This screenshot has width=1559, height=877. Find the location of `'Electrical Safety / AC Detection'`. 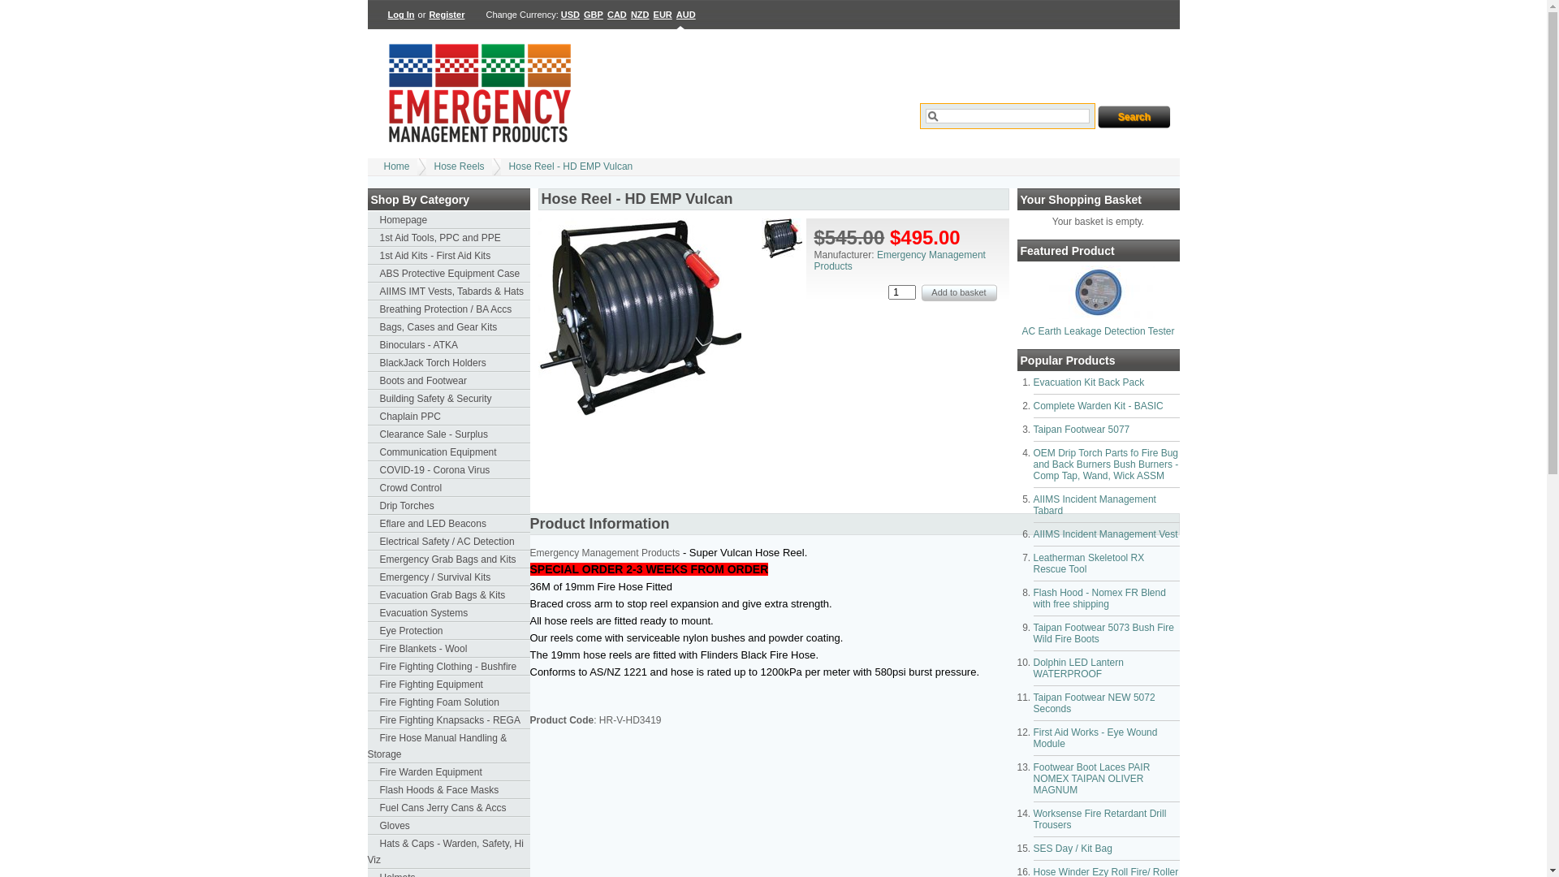

'Electrical Safety / AC Detection' is located at coordinates (448, 542).